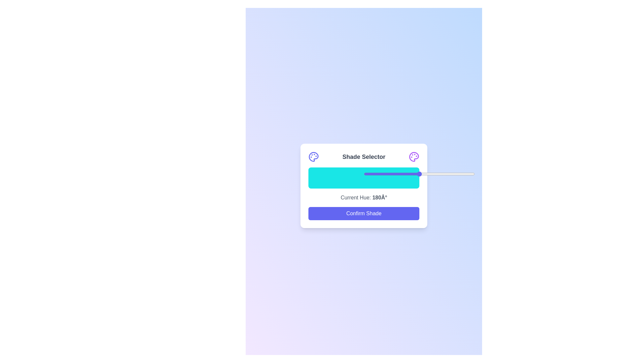 The width and height of the screenshot is (634, 356). Describe the element at coordinates (360, 178) in the screenshot. I see `the shade slider to 47 to observe the corresponding color` at that location.